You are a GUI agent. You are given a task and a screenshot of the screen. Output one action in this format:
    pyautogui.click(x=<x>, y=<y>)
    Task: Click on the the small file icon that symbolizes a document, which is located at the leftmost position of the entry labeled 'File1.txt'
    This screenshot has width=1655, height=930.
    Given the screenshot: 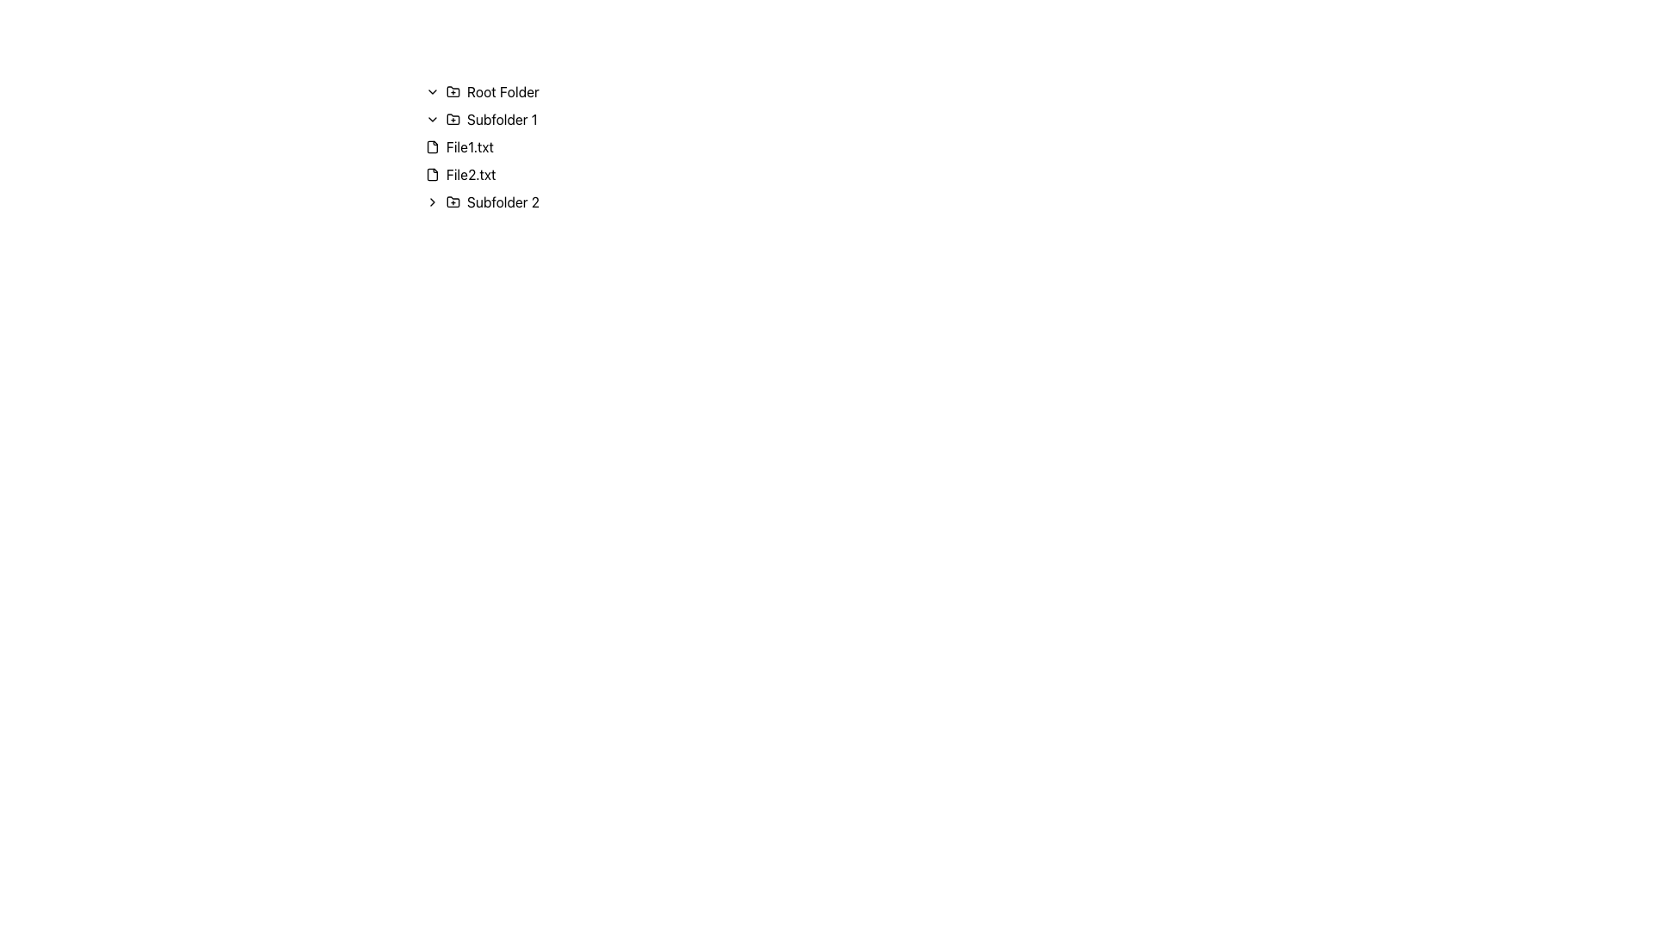 What is the action you would take?
    pyautogui.click(x=433, y=146)
    